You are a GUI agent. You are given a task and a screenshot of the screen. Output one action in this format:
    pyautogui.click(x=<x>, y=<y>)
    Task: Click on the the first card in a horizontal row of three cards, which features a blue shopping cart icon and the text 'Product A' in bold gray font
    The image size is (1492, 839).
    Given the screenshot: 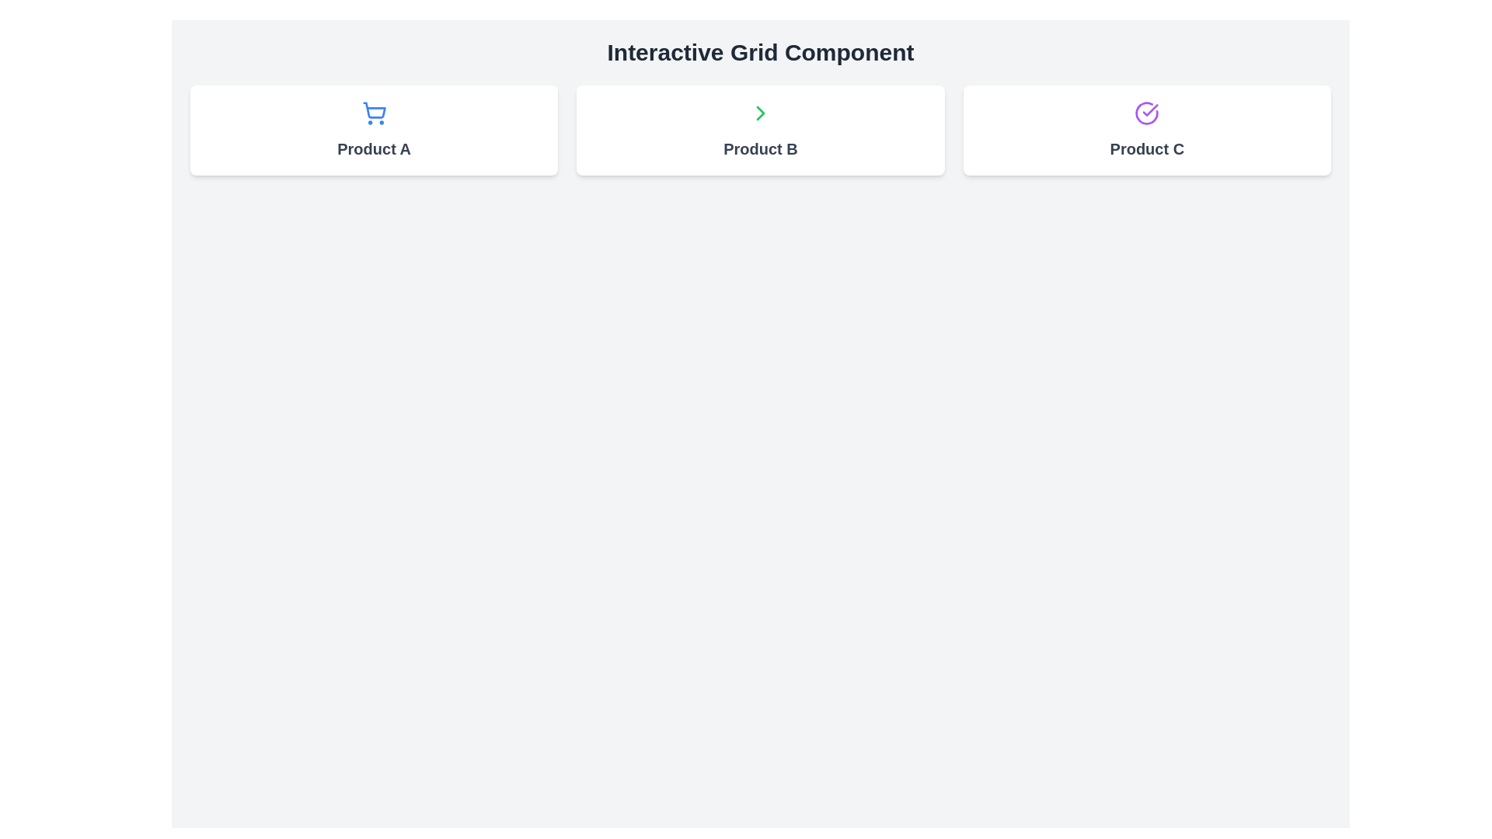 What is the action you would take?
    pyautogui.click(x=374, y=130)
    